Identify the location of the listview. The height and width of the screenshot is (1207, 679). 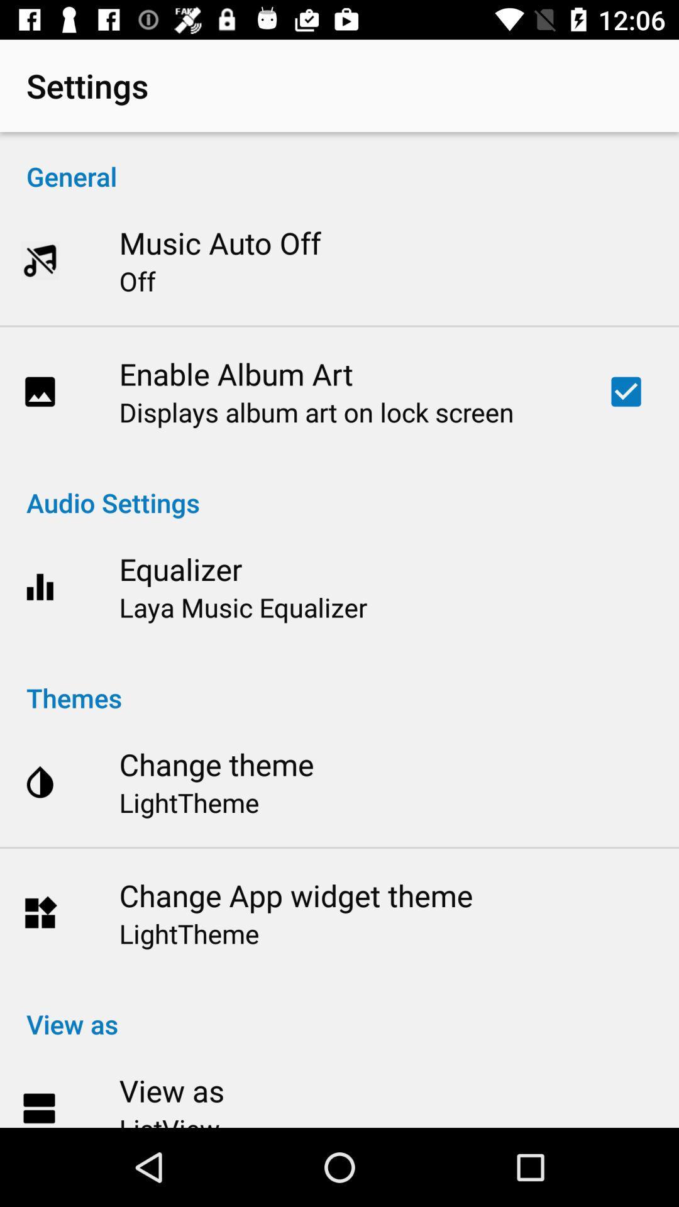
(168, 1119).